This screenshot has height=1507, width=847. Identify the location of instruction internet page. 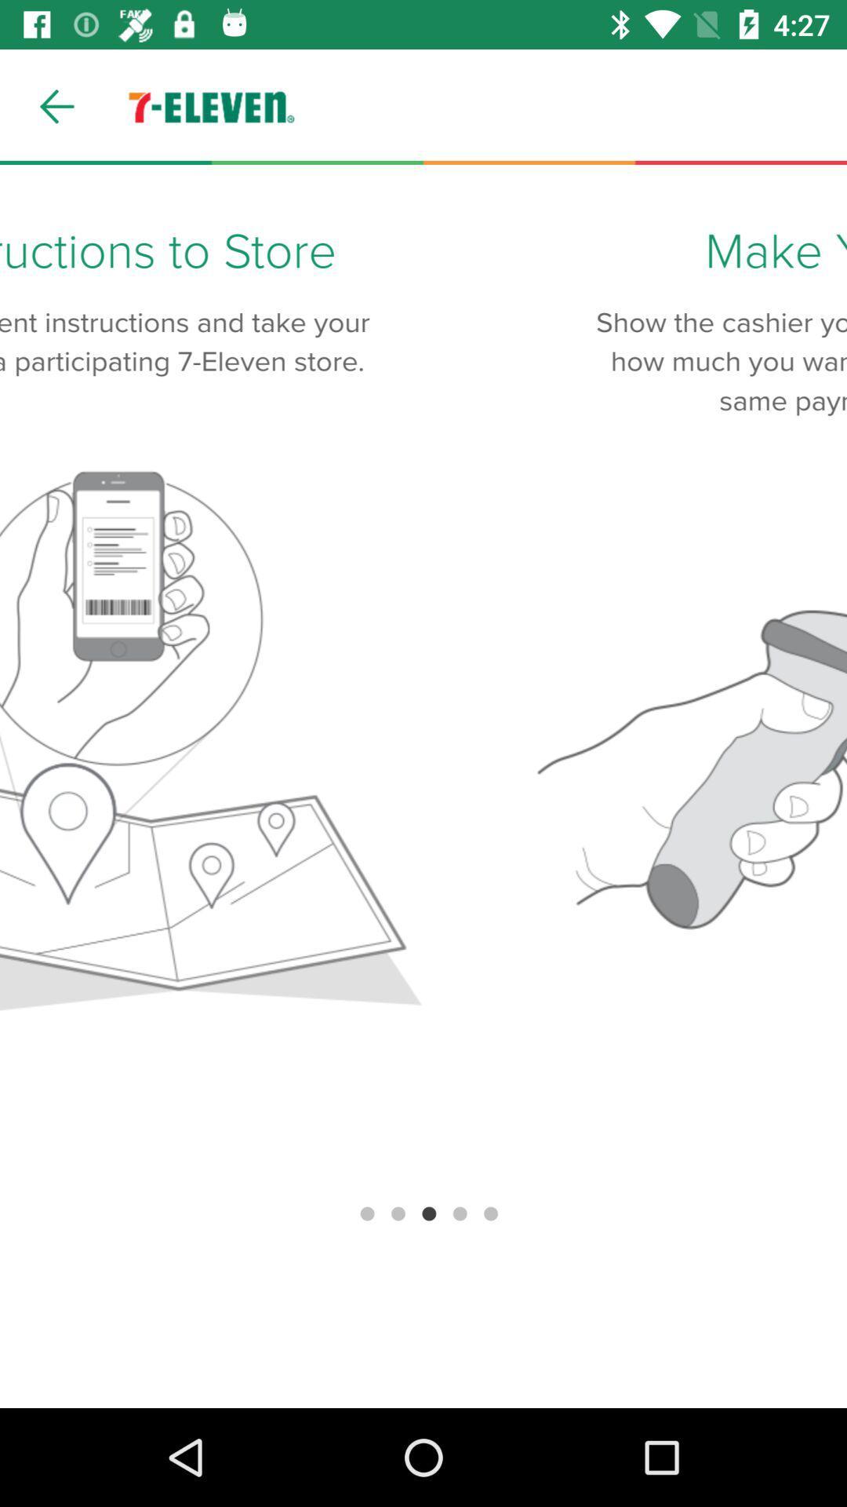
(423, 786).